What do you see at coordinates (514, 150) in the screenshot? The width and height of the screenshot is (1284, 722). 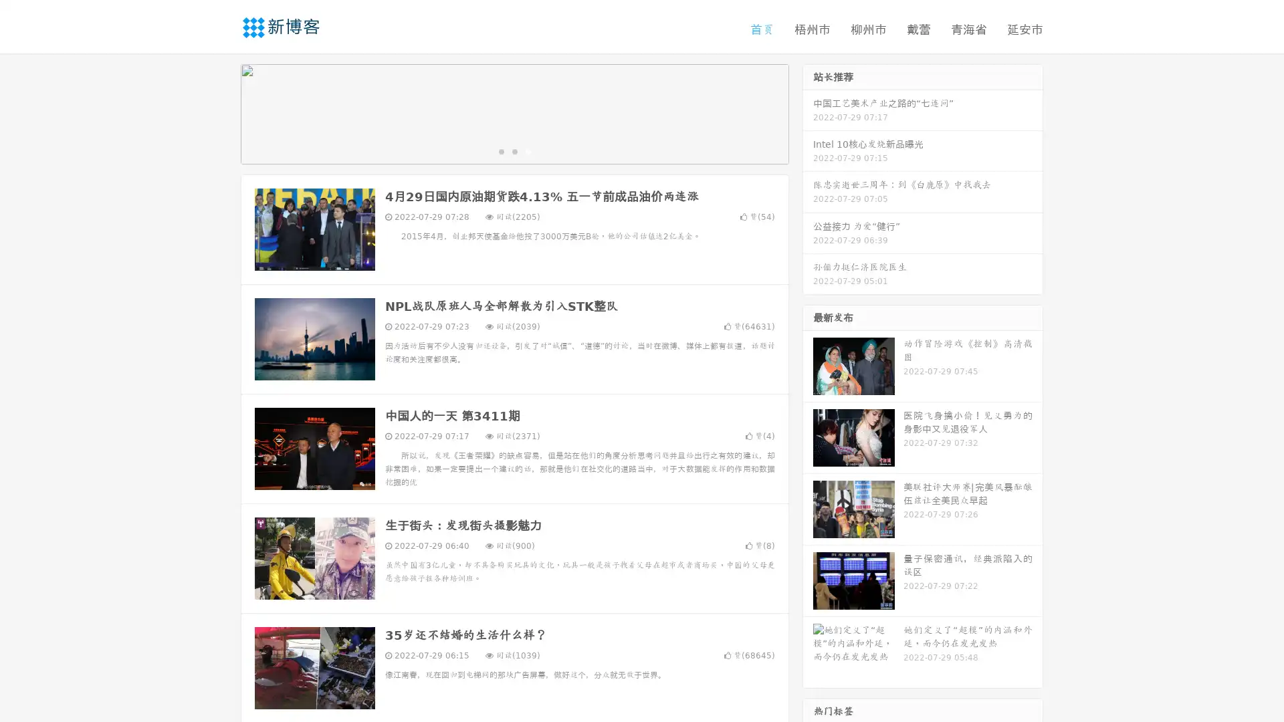 I see `Go to slide 2` at bounding box center [514, 150].